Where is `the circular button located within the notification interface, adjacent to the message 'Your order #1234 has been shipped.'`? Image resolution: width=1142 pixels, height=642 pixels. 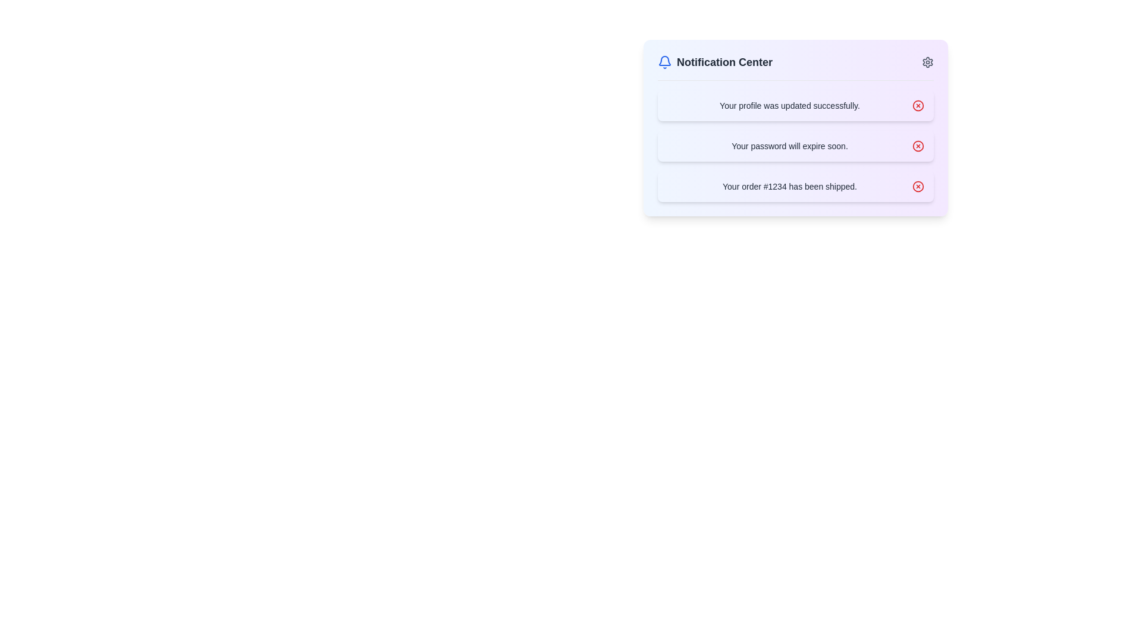
the circular button located within the notification interface, adjacent to the message 'Your order #1234 has been shipped.' is located at coordinates (918, 186).